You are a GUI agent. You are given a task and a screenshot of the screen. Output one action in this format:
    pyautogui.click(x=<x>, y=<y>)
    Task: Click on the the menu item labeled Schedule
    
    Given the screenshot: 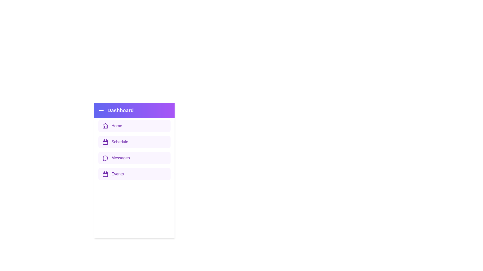 What is the action you would take?
    pyautogui.click(x=134, y=142)
    